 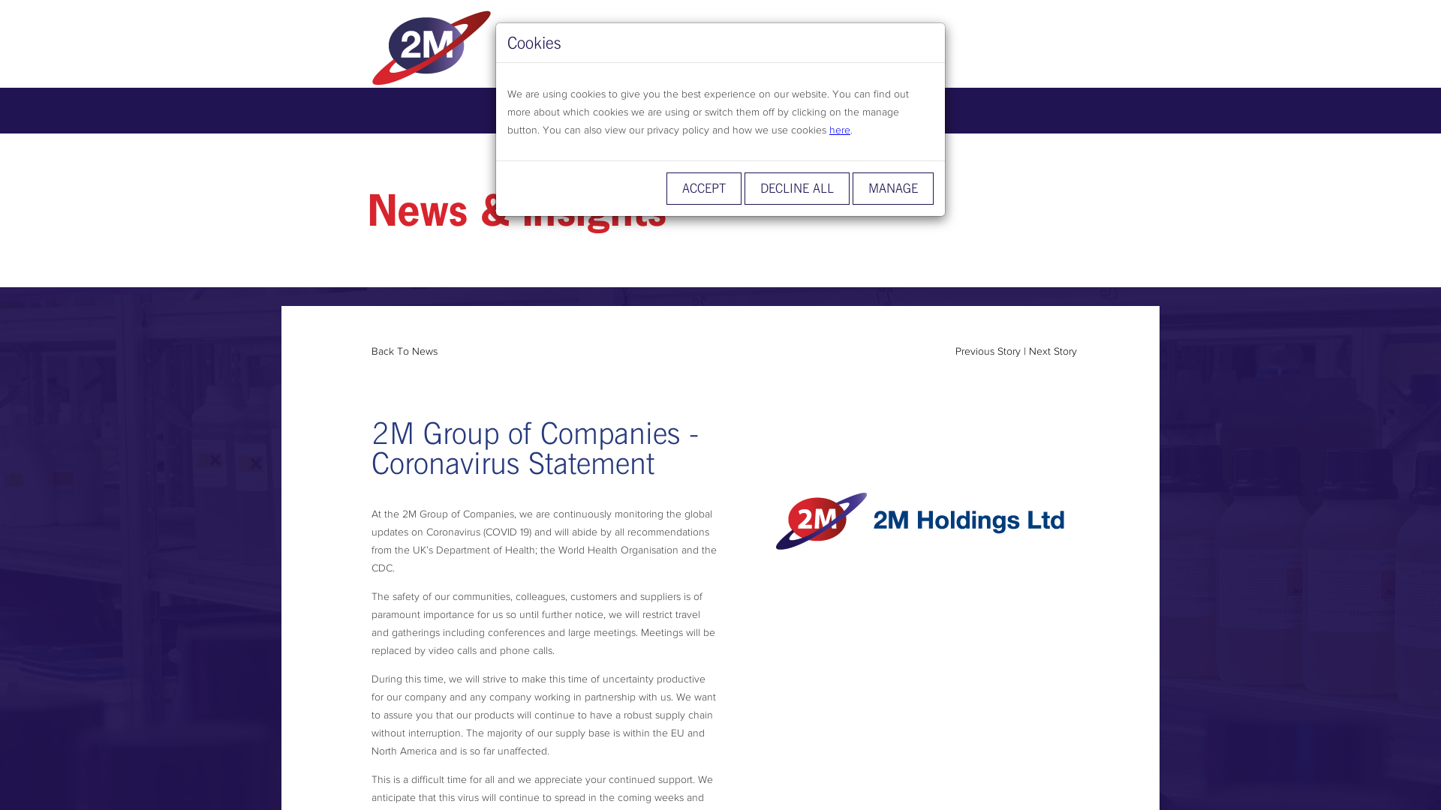 What do you see at coordinates (702, 187) in the screenshot?
I see `'ACCEPT'` at bounding box center [702, 187].